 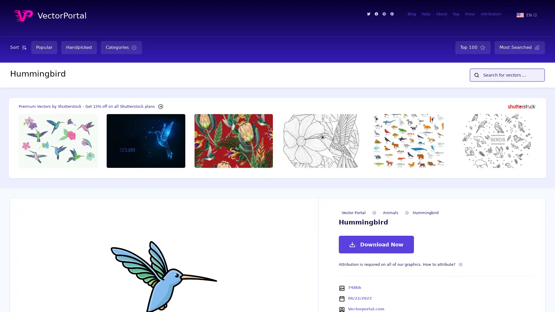 I want to click on EN, so click(x=526, y=14).